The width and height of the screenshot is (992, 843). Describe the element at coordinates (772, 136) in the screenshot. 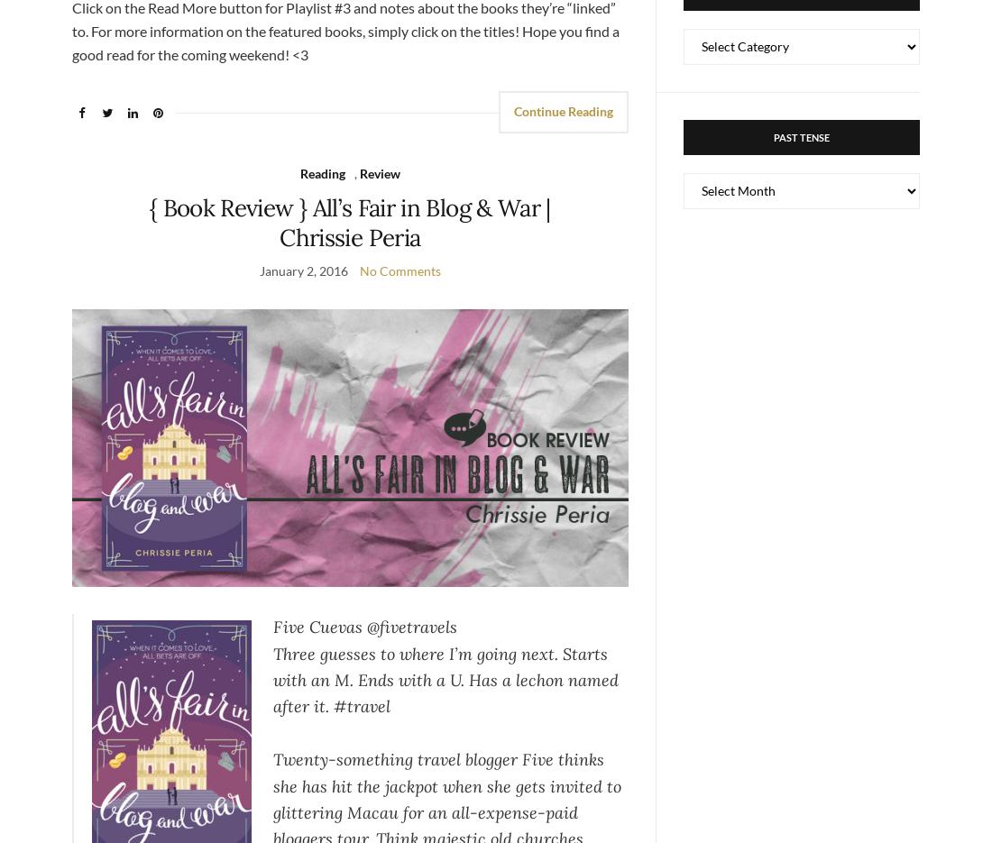

I see `'PAST TENSE'` at that location.